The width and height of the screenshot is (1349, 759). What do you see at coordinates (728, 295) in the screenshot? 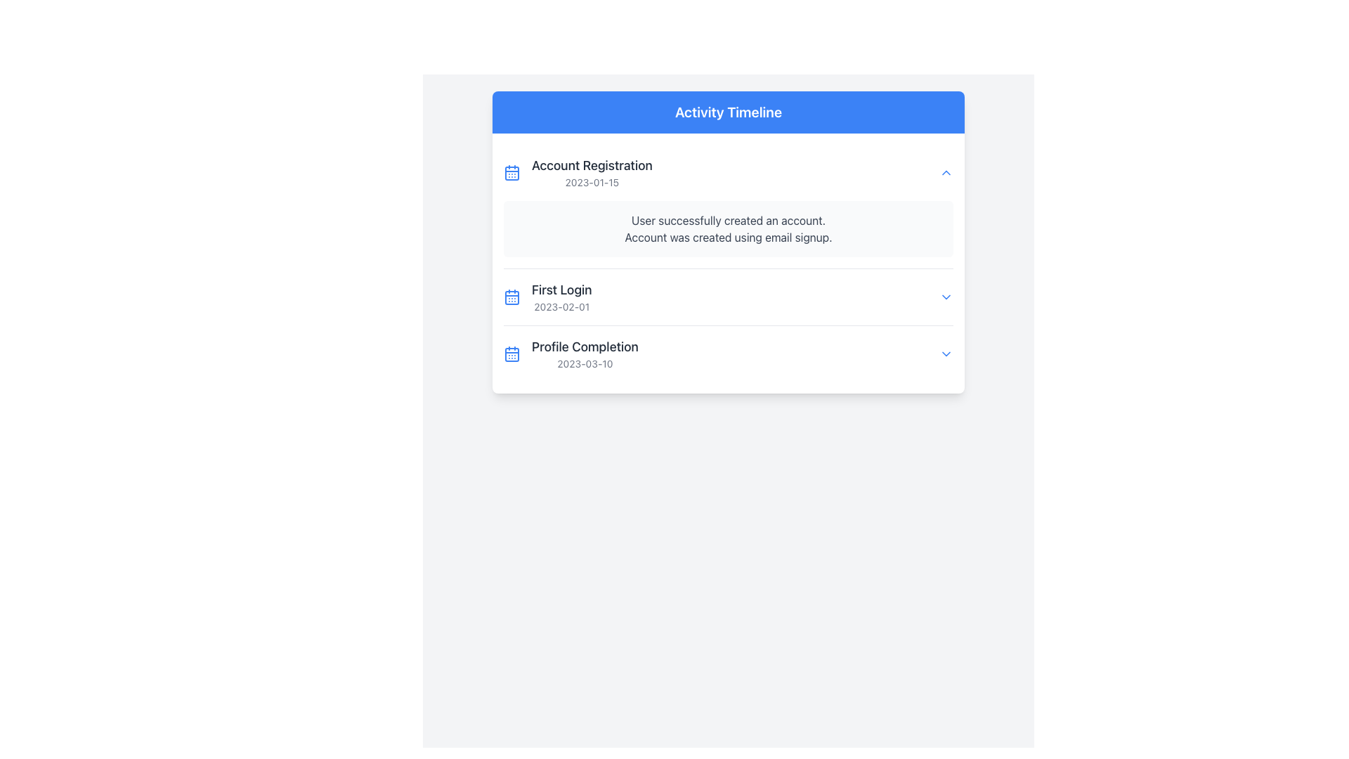
I see `the second entry in the vertical timeline list, which details the 'First Login' activity` at bounding box center [728, 295].